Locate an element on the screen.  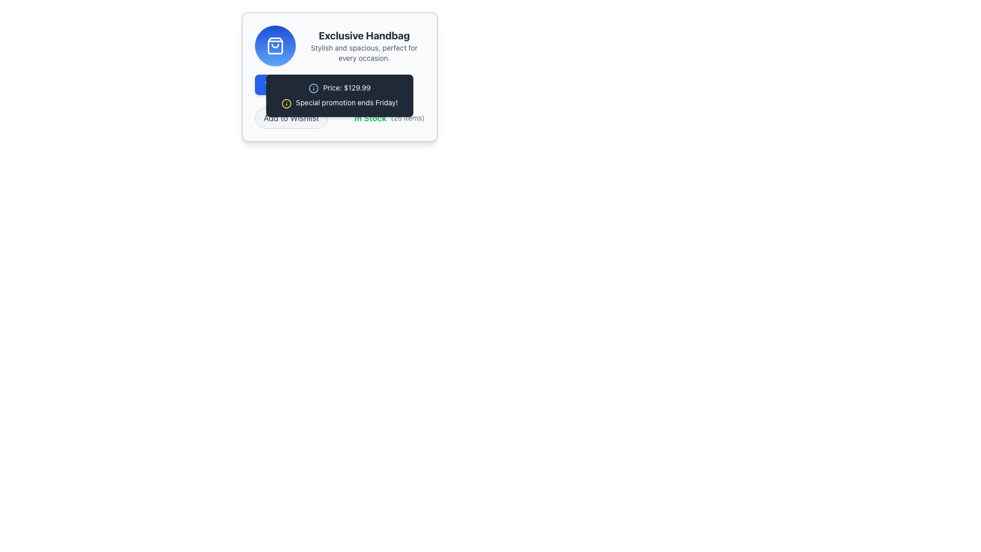
the circular 'info' icon, which is a yellow circle with a white 'i' in the center is located at coordinates (286, 103).